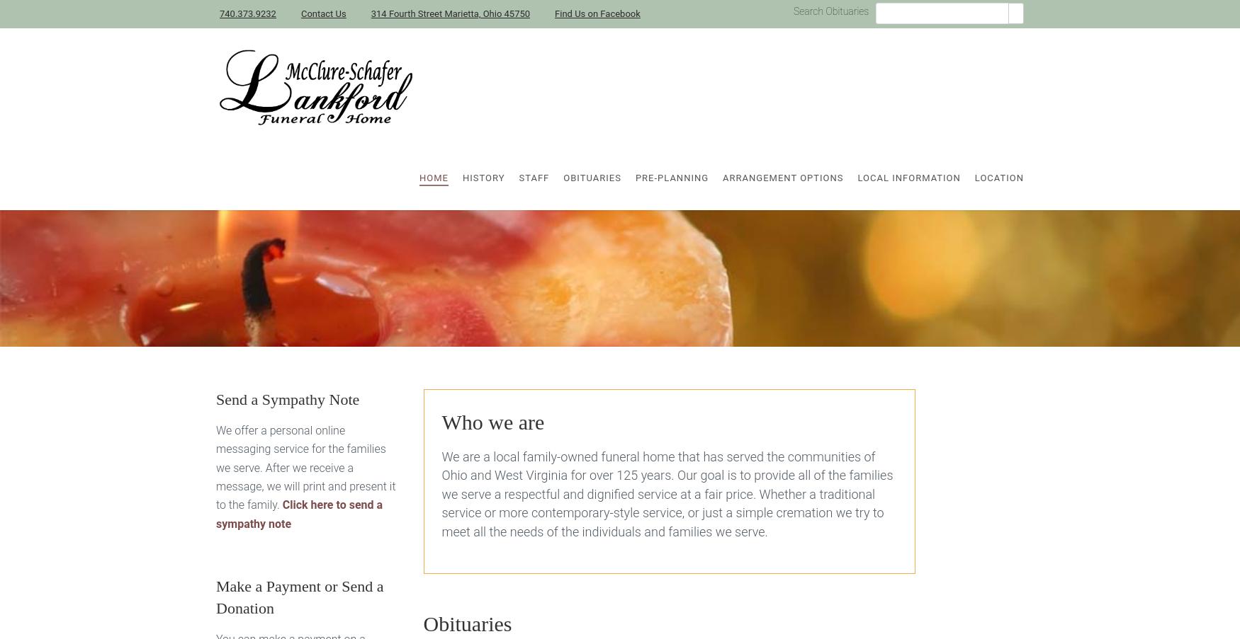 Image resolution: width=1240 pixels, height=639 pixels. What do you see at coordinates (215, 597) in the screenshot?
I see `'Make a Payment or Send a Donation'` at bounding box center [215, 597].